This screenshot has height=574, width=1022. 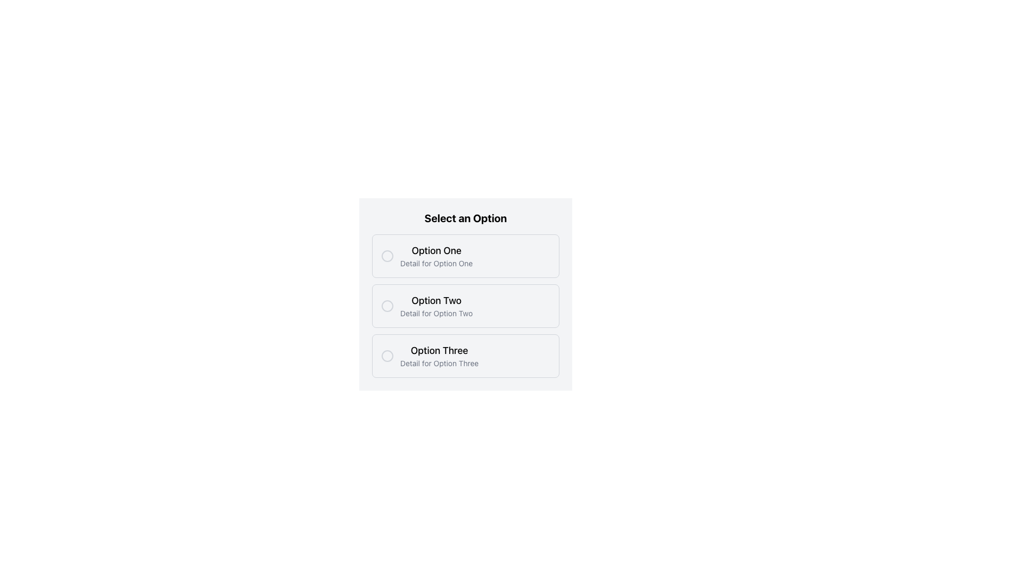 What do you see at coordinates (436, 313) in the screenshot?
I see `the non-interactive descriptive text that provides additional information about the 'Option Two' choice, located directly below the 'Option Two' label in the 'Select an Option' section` at bounding box center [436, 313].